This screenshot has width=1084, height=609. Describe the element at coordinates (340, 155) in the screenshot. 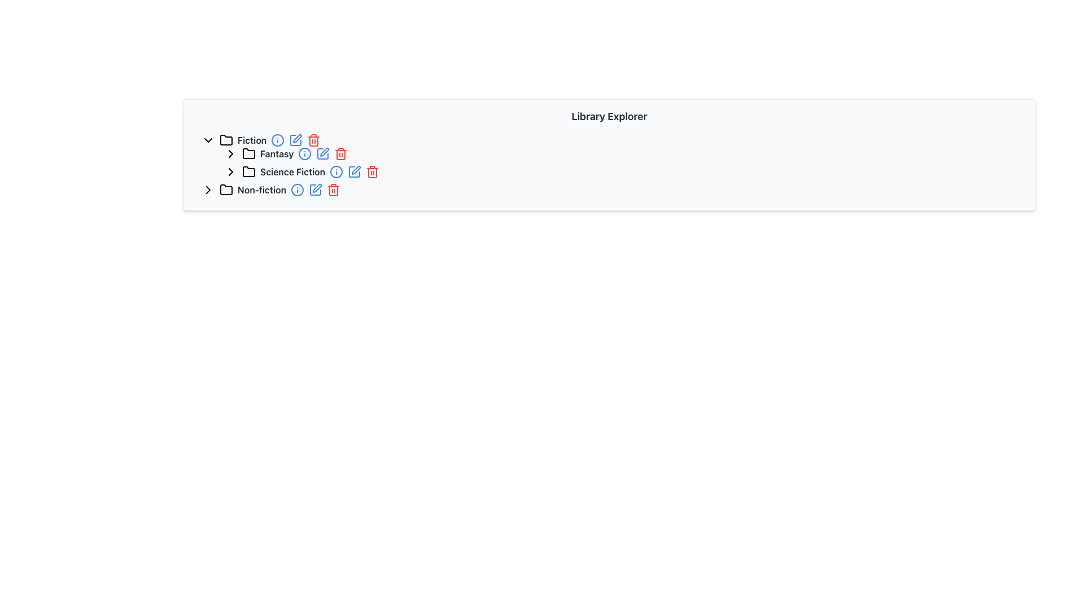

I see `the trash can icon that symbolizes the delete action next to the 'Fantasy' label under 'Fiction'` at that location.